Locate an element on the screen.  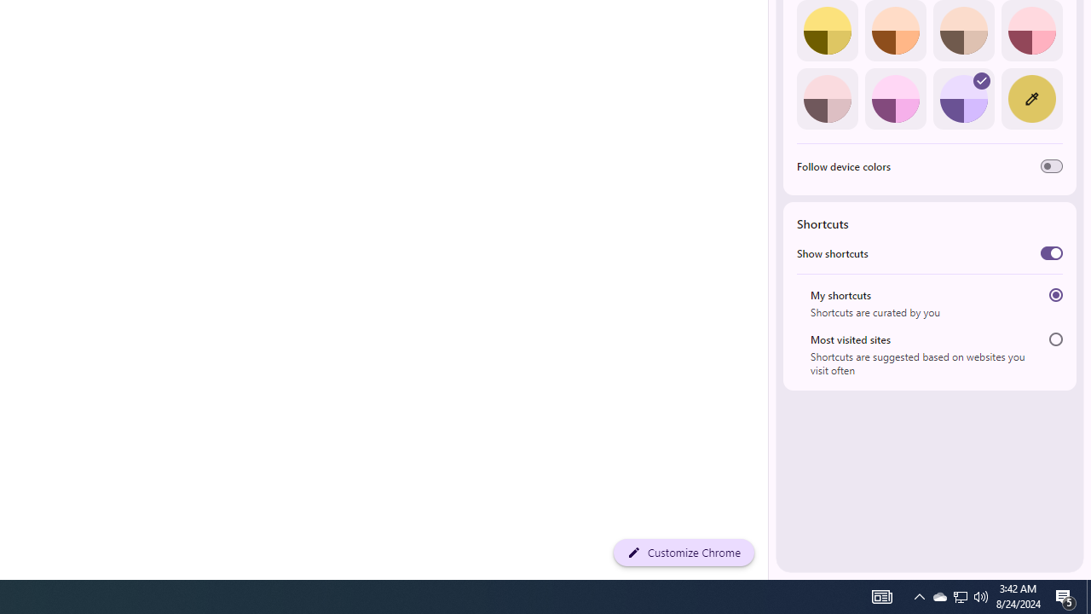
'Fuchsia' is located at coordinates (894, 98).